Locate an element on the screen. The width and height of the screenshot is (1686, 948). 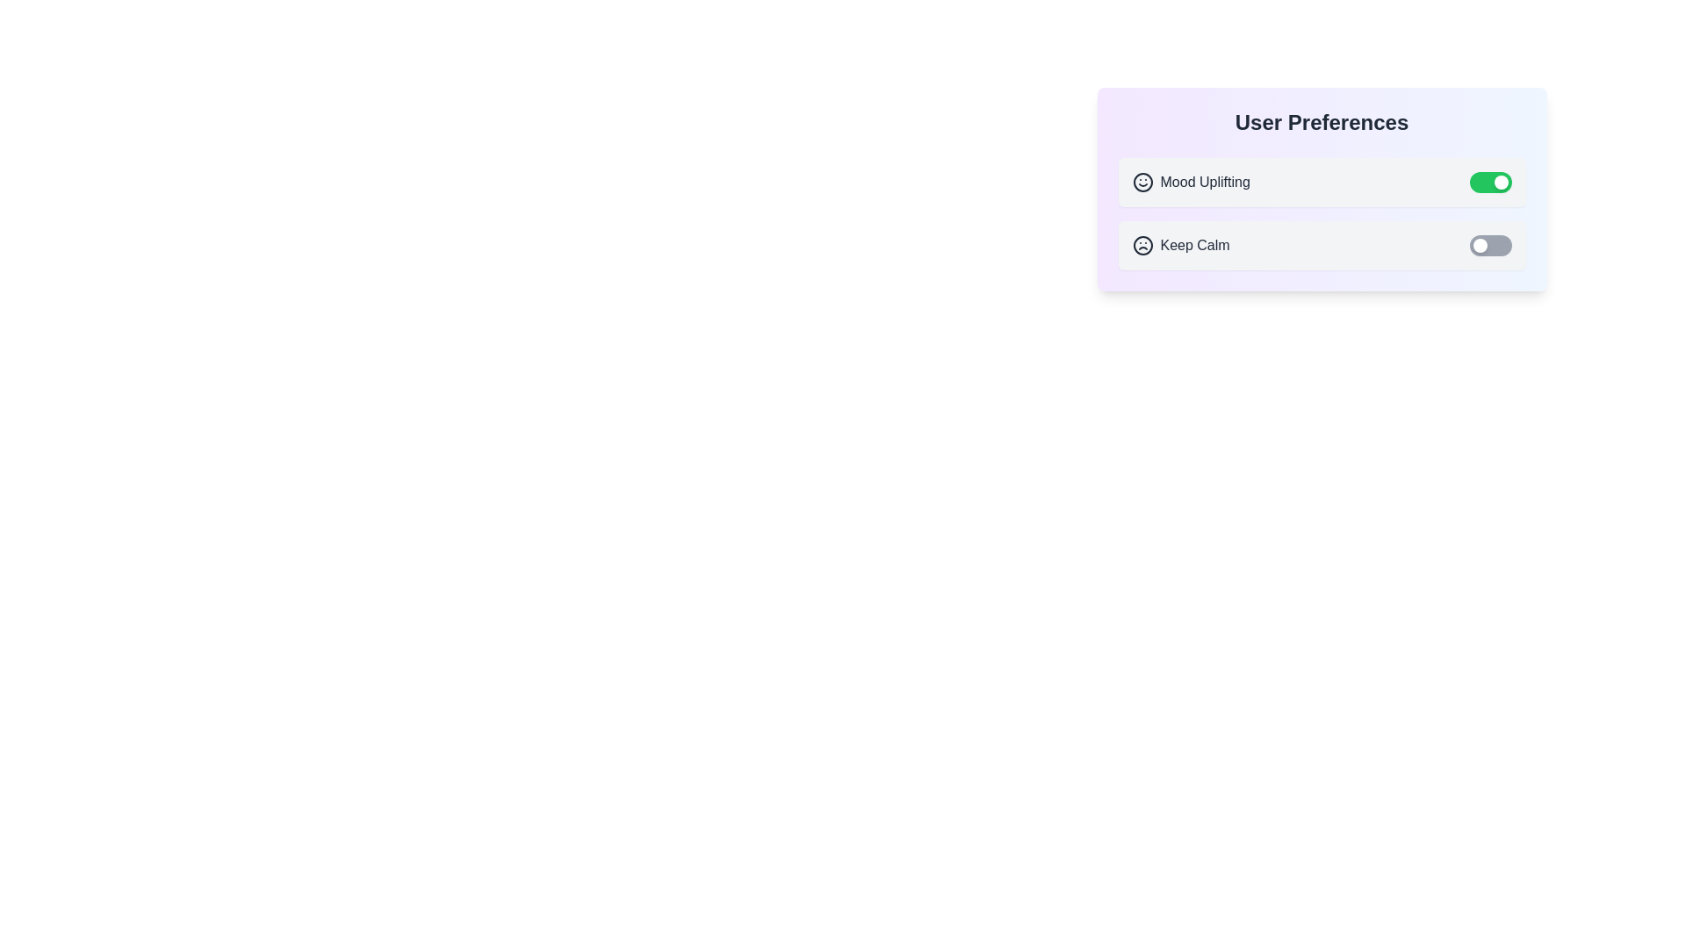
the circular toggle handle of the second toggle switch labeled 'Keep Calm' in the 'User Preferences' section to switch states is located at coordinates (1479, 246).